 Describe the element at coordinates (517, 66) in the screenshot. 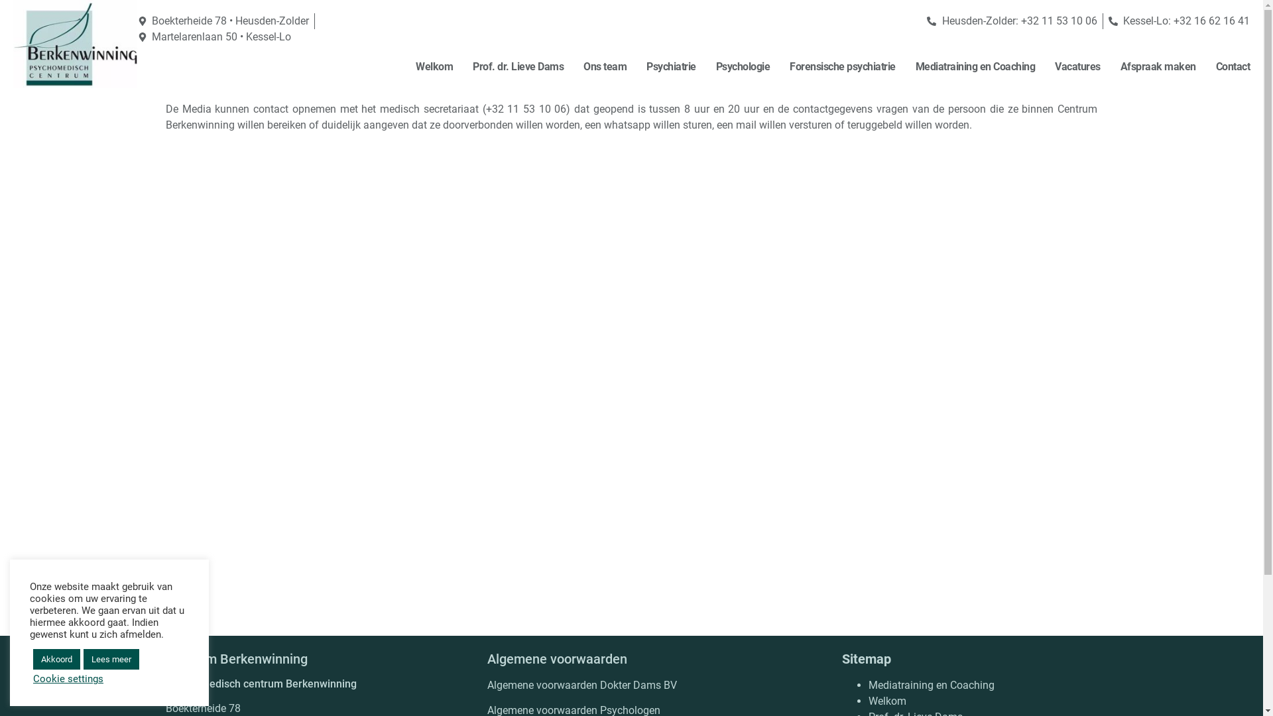

I see `'Prof. dr. Lieve Dams'` at that location.